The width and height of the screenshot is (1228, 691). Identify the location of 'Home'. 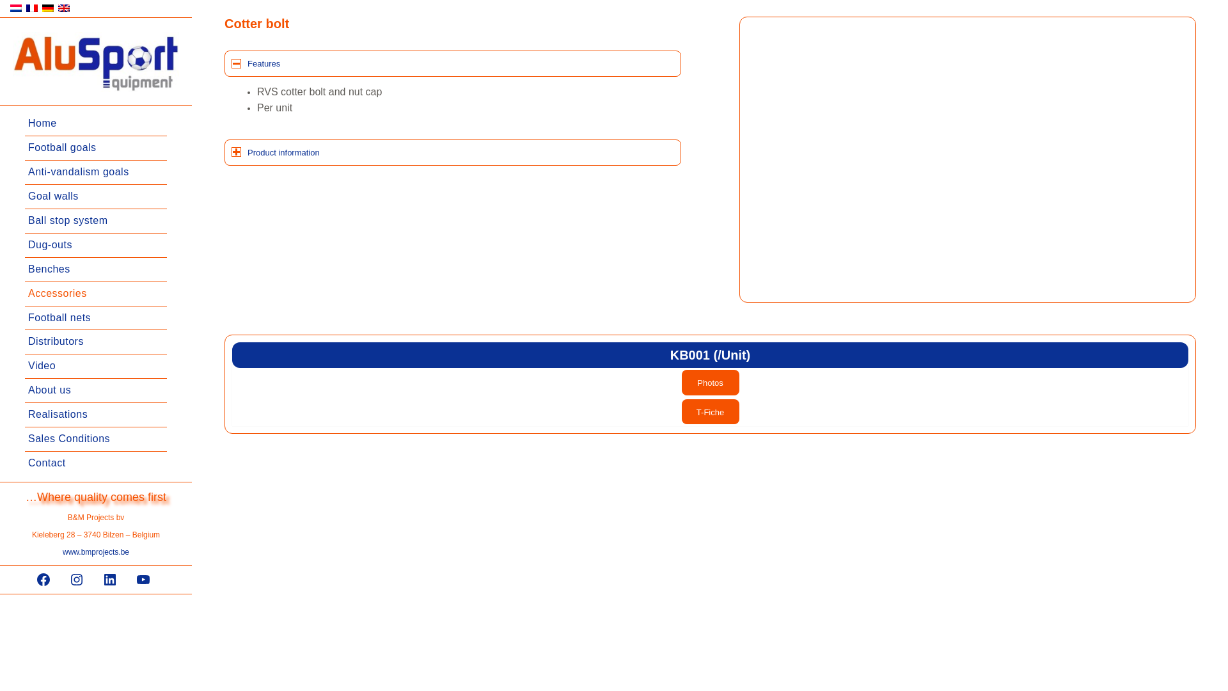
(95, 123).